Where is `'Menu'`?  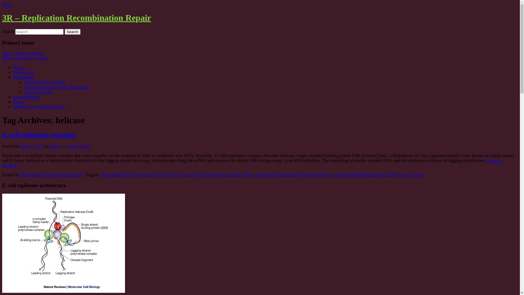
'Menu' is located at coordinates (2, 4).